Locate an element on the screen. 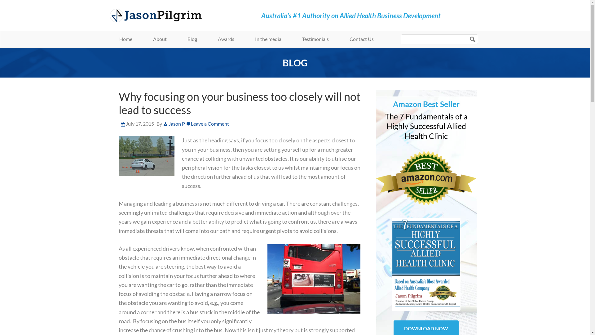 The width and height of the screenshot is (595, 335). 'Jason P' is located at coordinates (174, 123).